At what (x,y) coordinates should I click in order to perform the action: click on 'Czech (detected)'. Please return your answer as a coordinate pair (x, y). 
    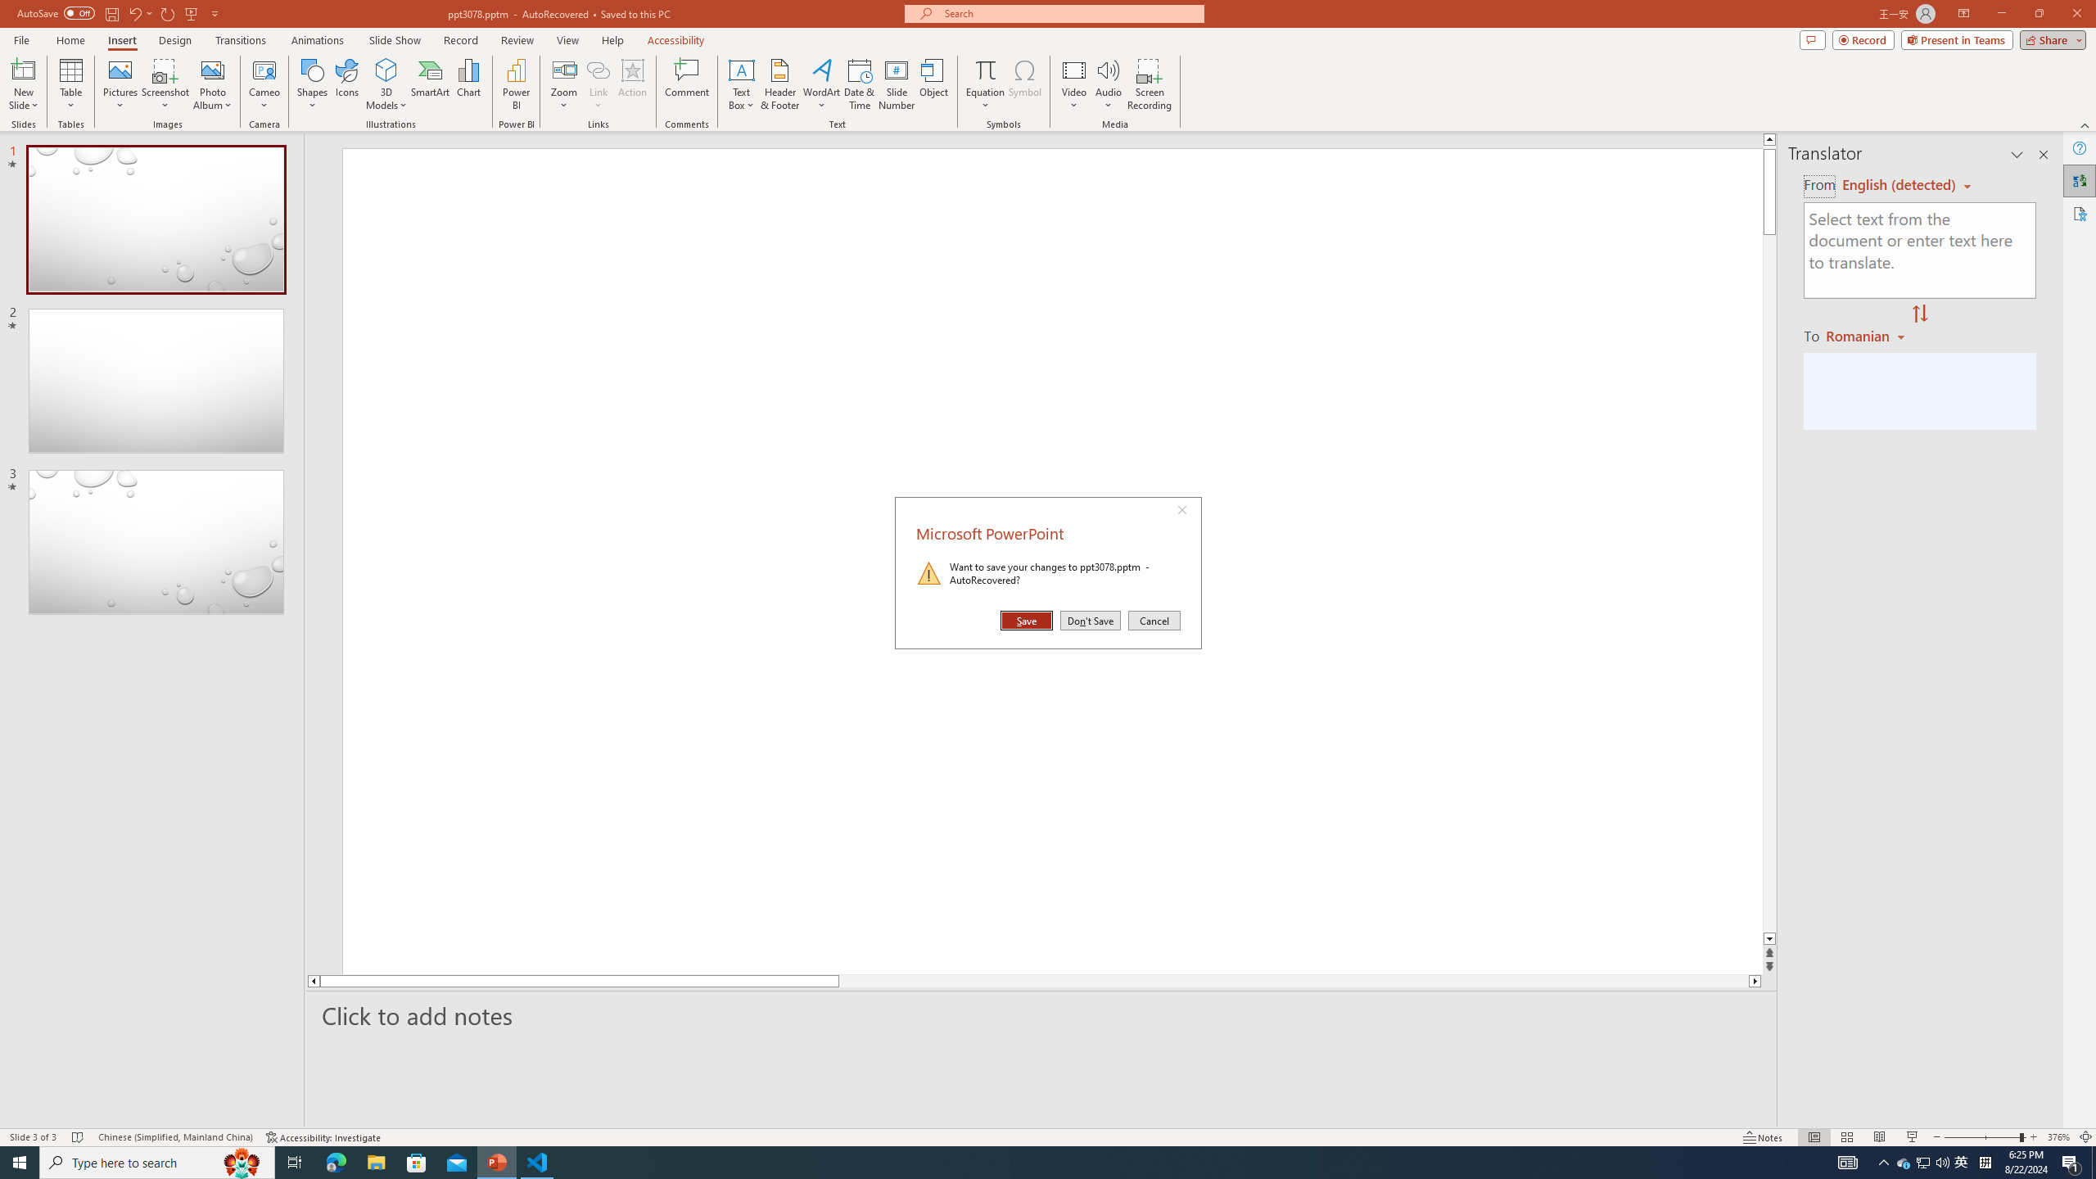
    Looking at the image, I should click on (1899, 184).